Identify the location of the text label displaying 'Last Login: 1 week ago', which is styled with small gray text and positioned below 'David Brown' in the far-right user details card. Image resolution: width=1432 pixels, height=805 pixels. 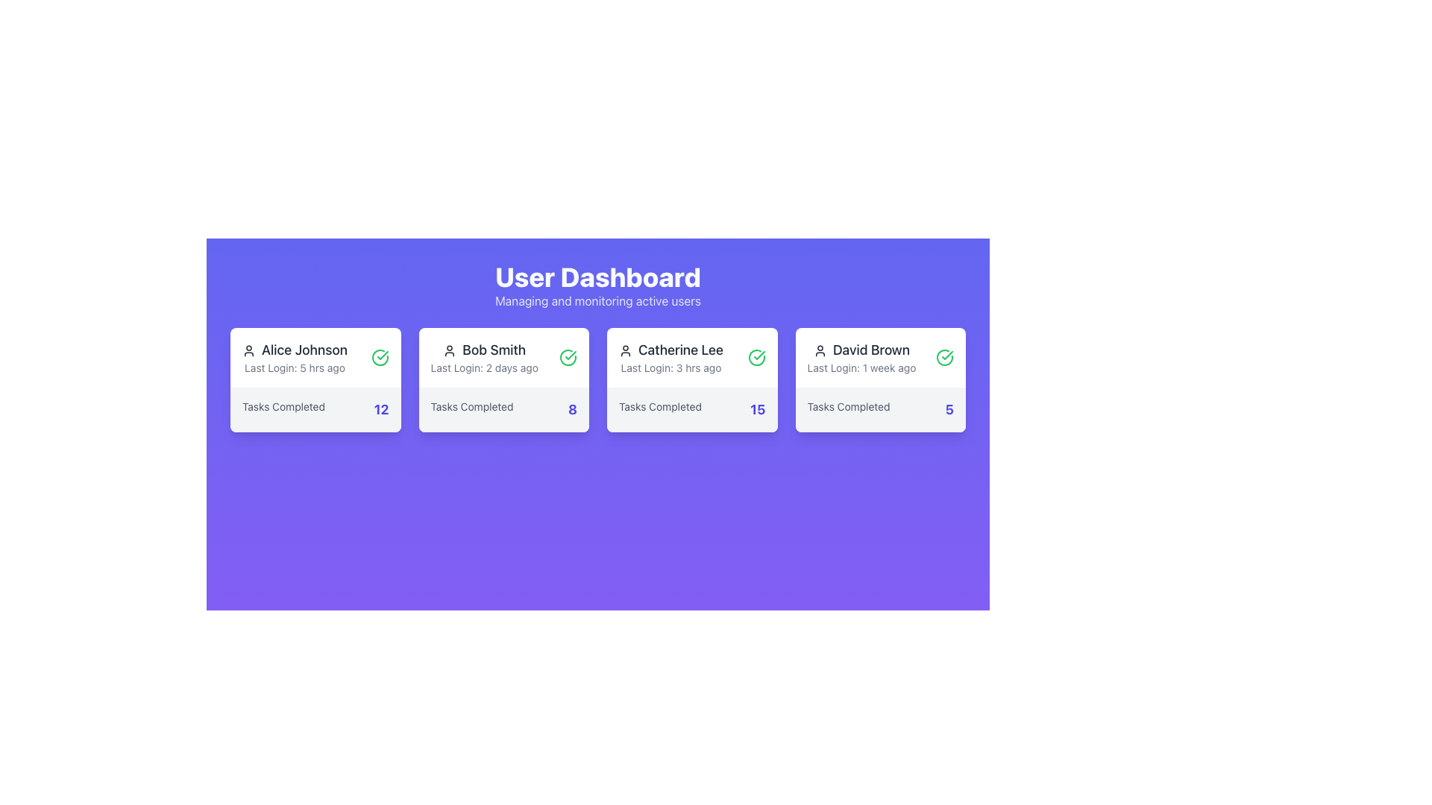
(861, 367).